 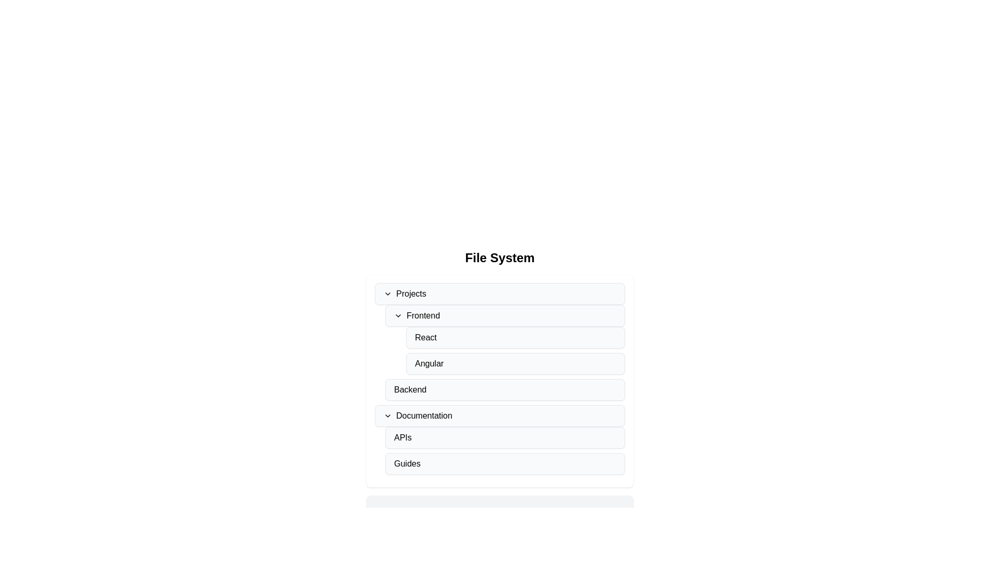 What do you see at coordinates (499, 415) in the screenshot?
I see `the first expandable menu item labeled 'Documentation'` at bounding box center [499, 415].